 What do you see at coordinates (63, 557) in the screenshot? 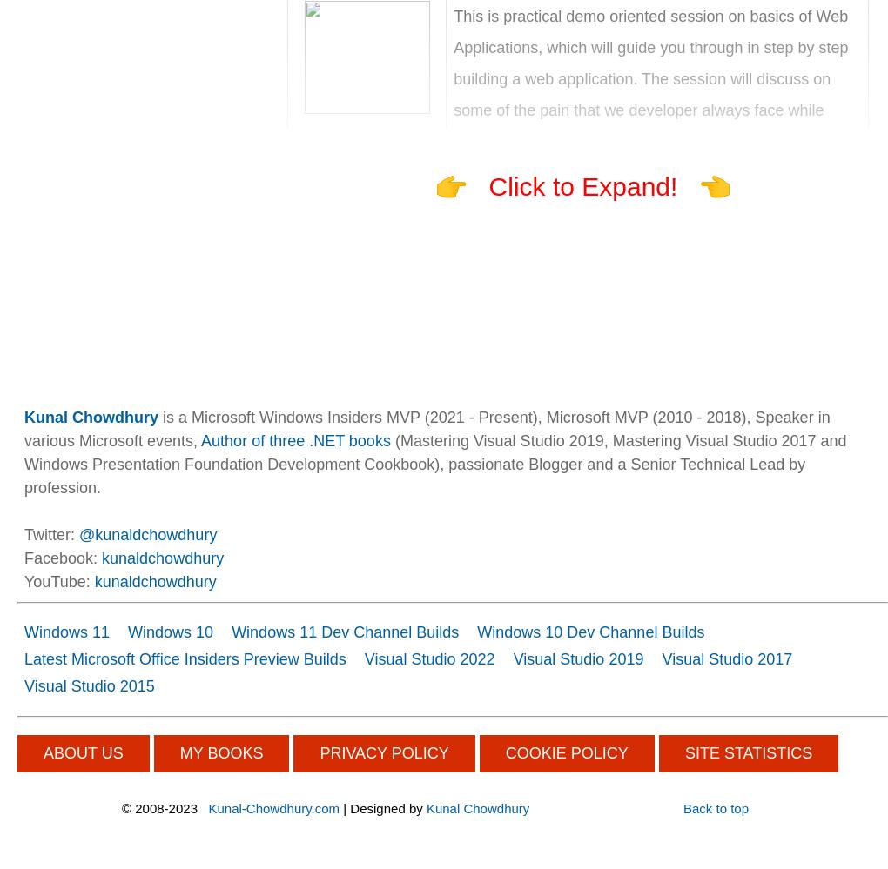
I see `'Facebook:'` at bounding box center [63, 557].